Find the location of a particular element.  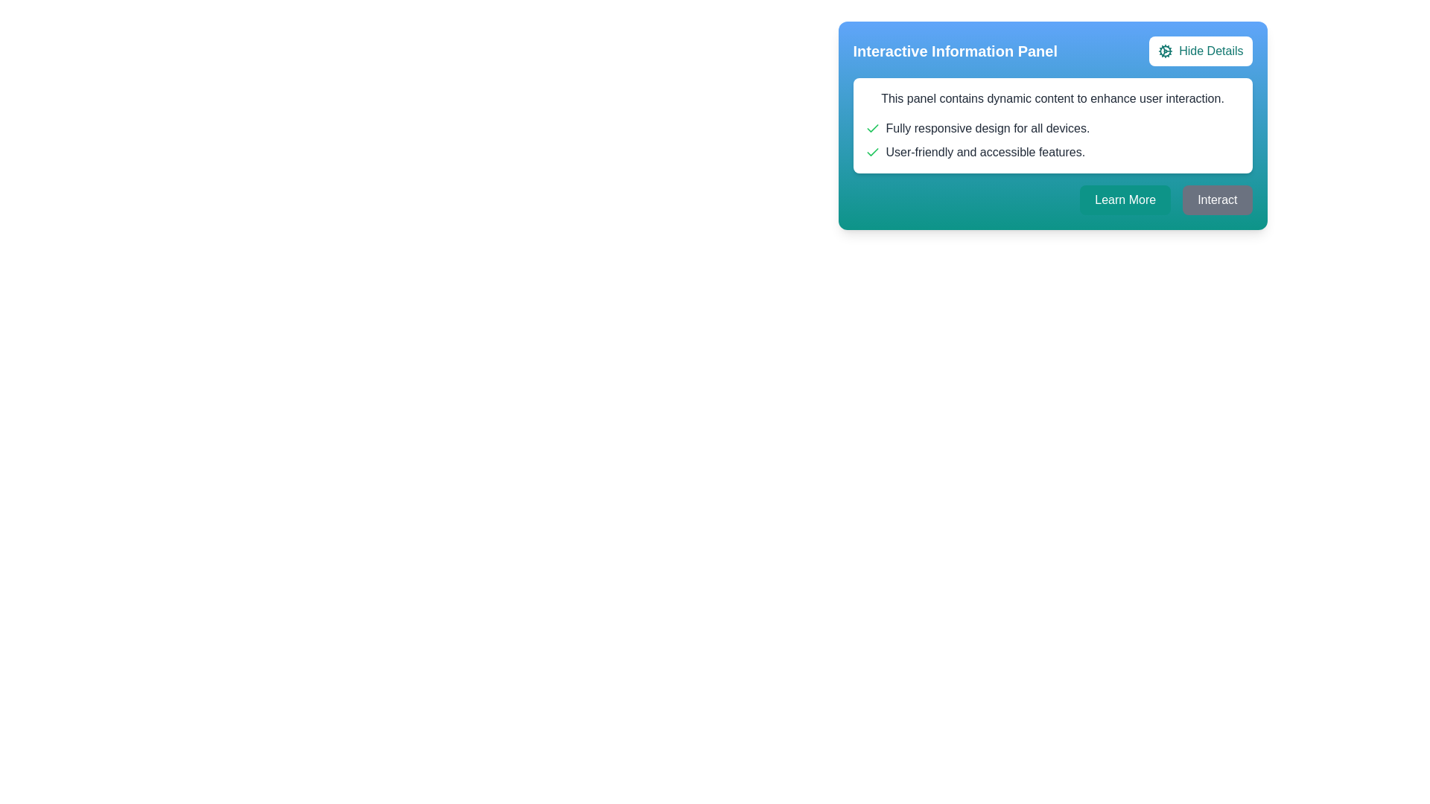

text label 'Interactive Information Panel' which is prominently displayed in bold and large font against a blue background, located towards the top-left of the header section is located at coordinates (955, 51).